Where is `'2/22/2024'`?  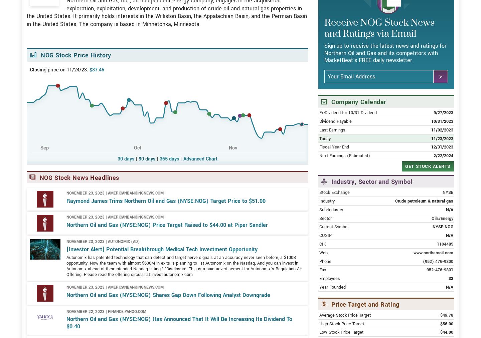
'2/22/2024' is located at coordinates (443, 180).